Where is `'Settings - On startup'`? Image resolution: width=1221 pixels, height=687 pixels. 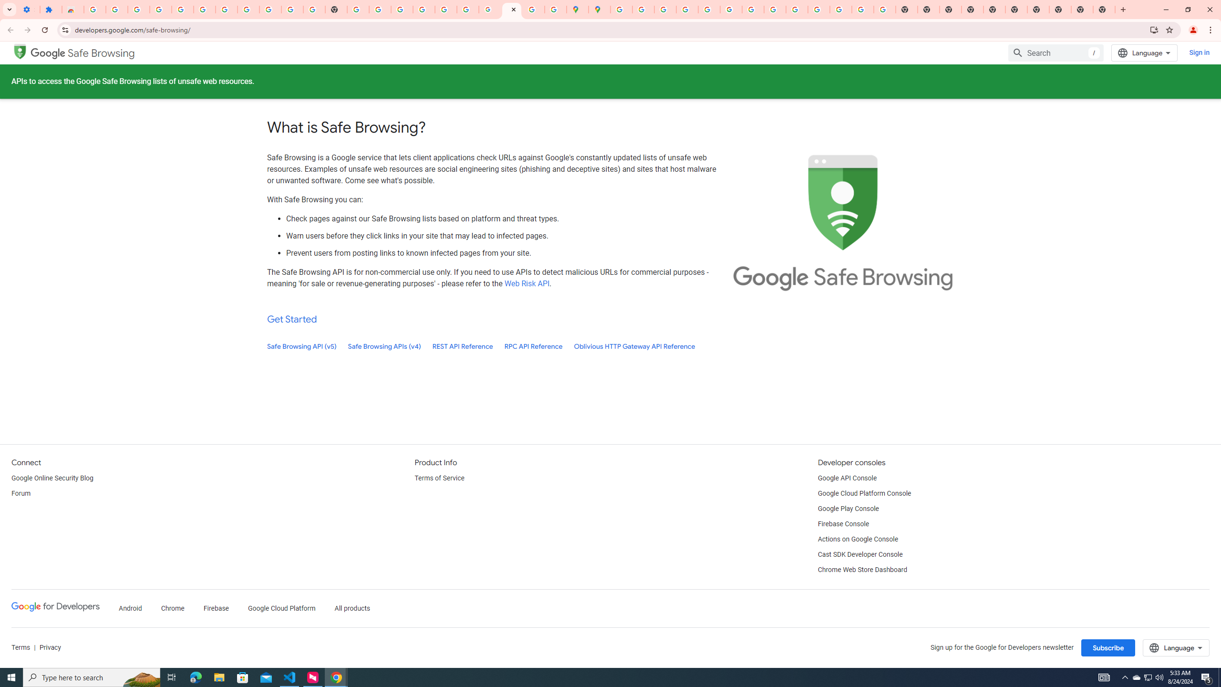 'Settings - On startup' is located at coordinates (29, 9).